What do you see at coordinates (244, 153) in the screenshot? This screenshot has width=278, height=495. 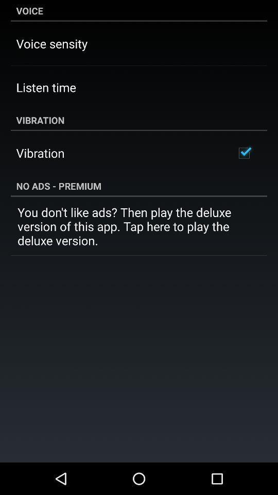 I see `icon next to the vibration icon` at bounding box center [244, 153].